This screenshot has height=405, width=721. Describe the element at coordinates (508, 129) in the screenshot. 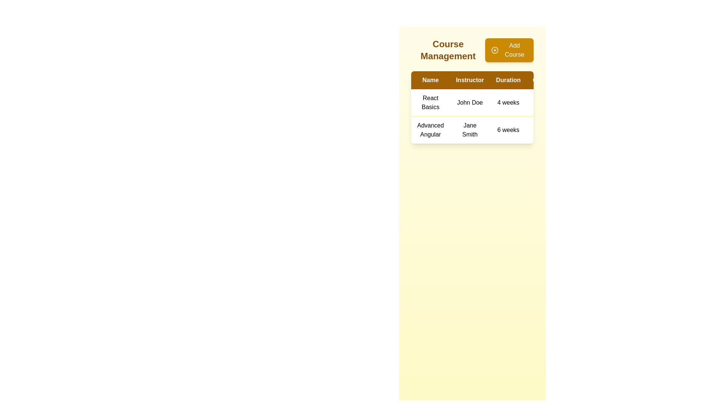

I see `text segment displaying the duration of the course, specifically '6 weeks', located in the last column of the table under the 'Advanced Angular' course entry` at that location.